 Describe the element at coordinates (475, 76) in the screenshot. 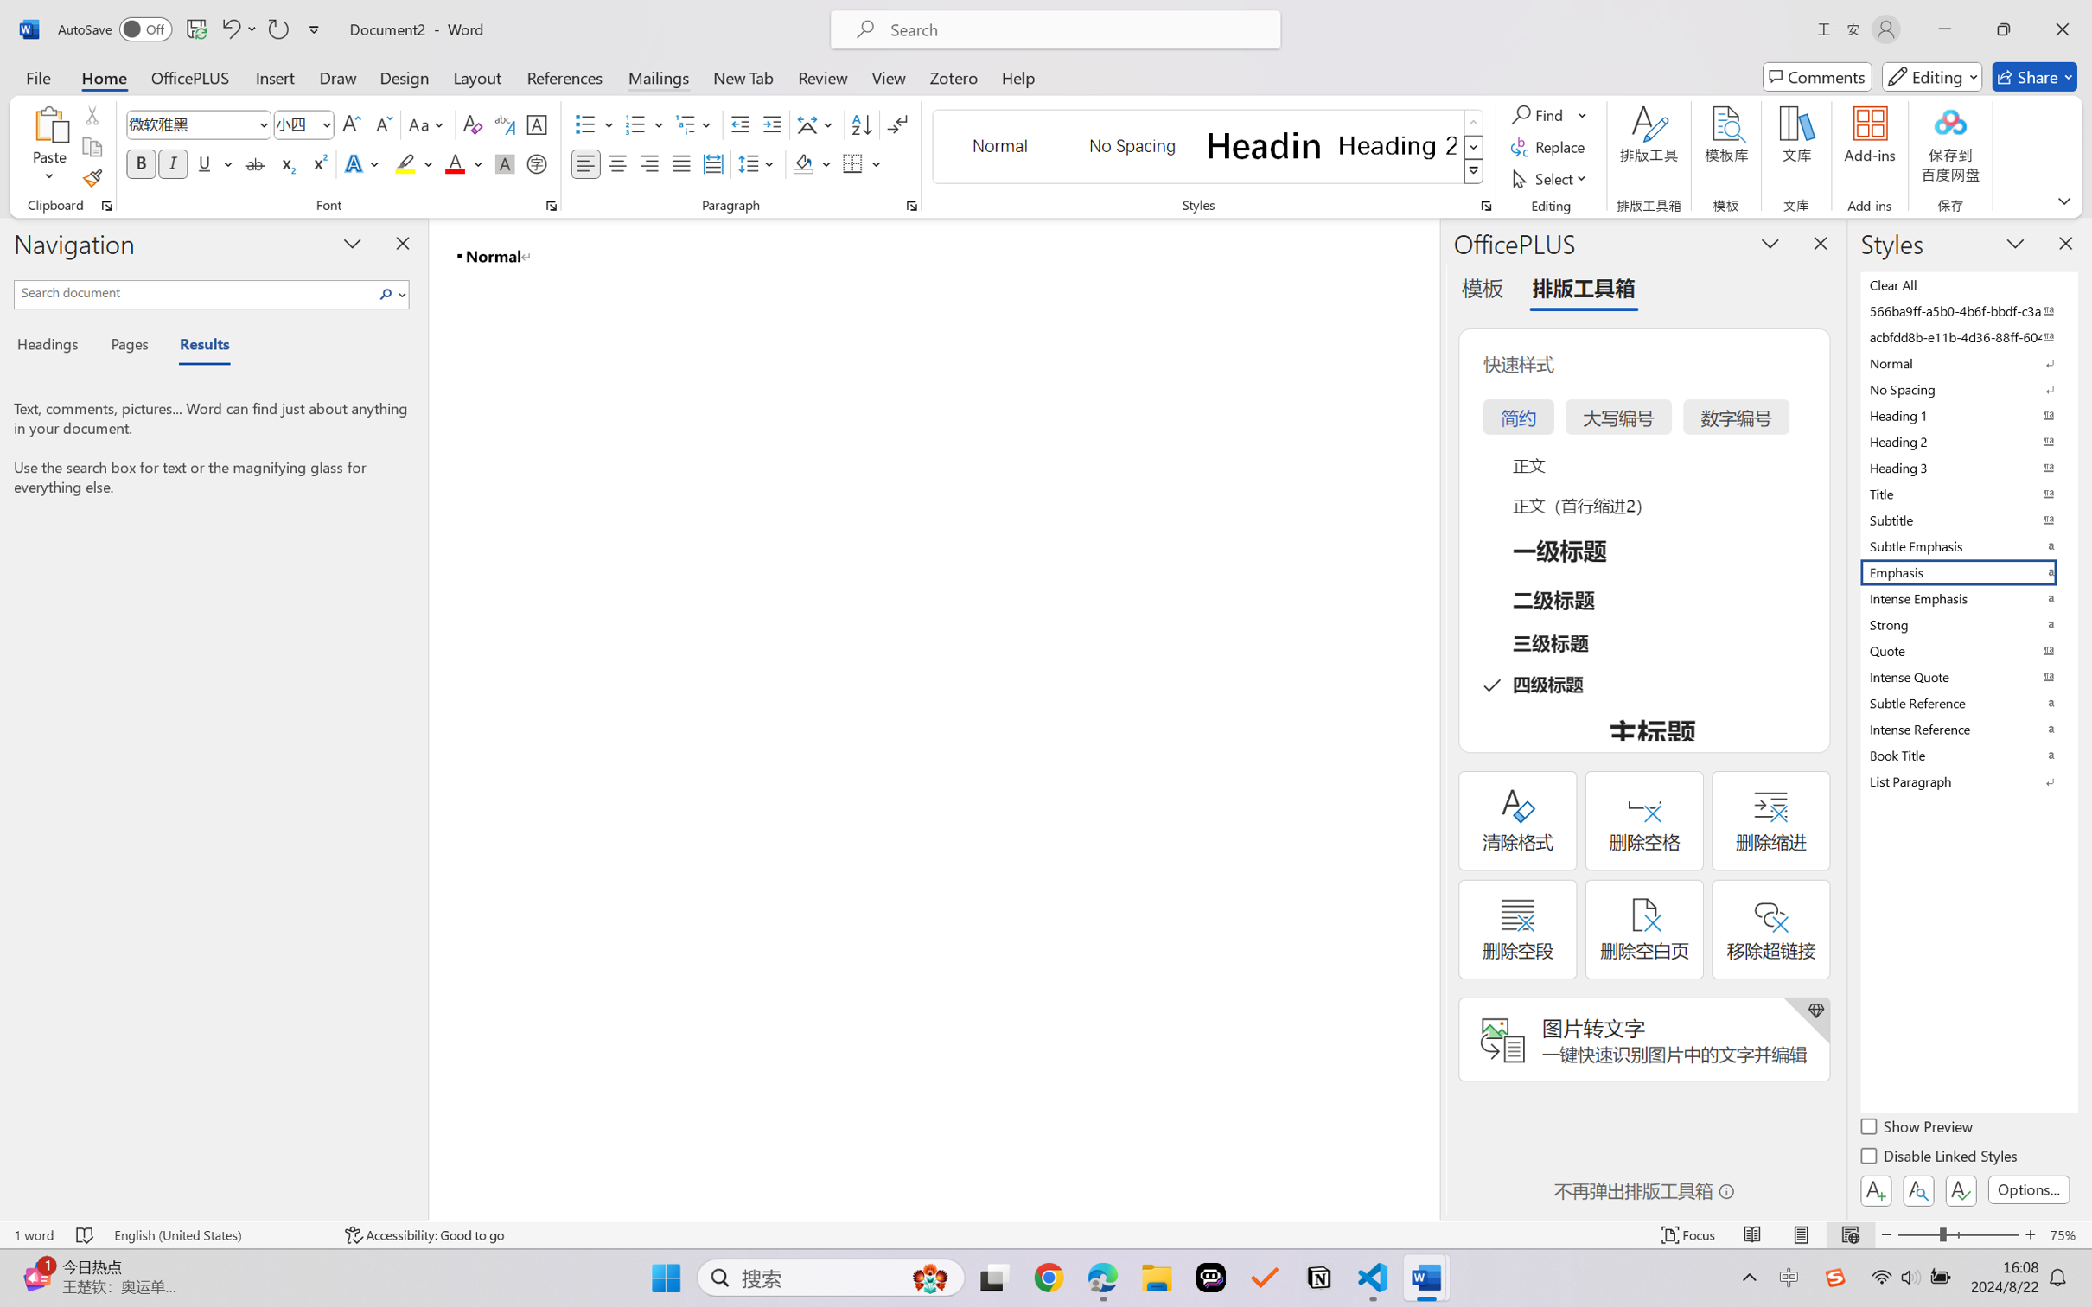

I see `'Layout'` at that location.